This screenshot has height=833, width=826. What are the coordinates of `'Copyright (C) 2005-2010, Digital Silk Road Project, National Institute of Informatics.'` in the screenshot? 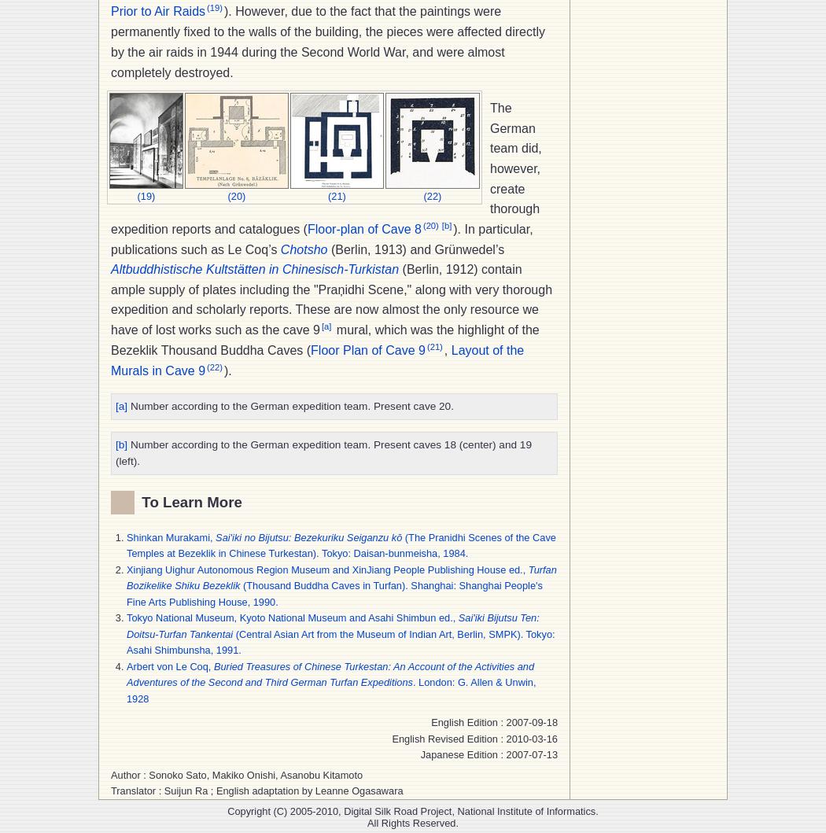 It's located at (411, 809).